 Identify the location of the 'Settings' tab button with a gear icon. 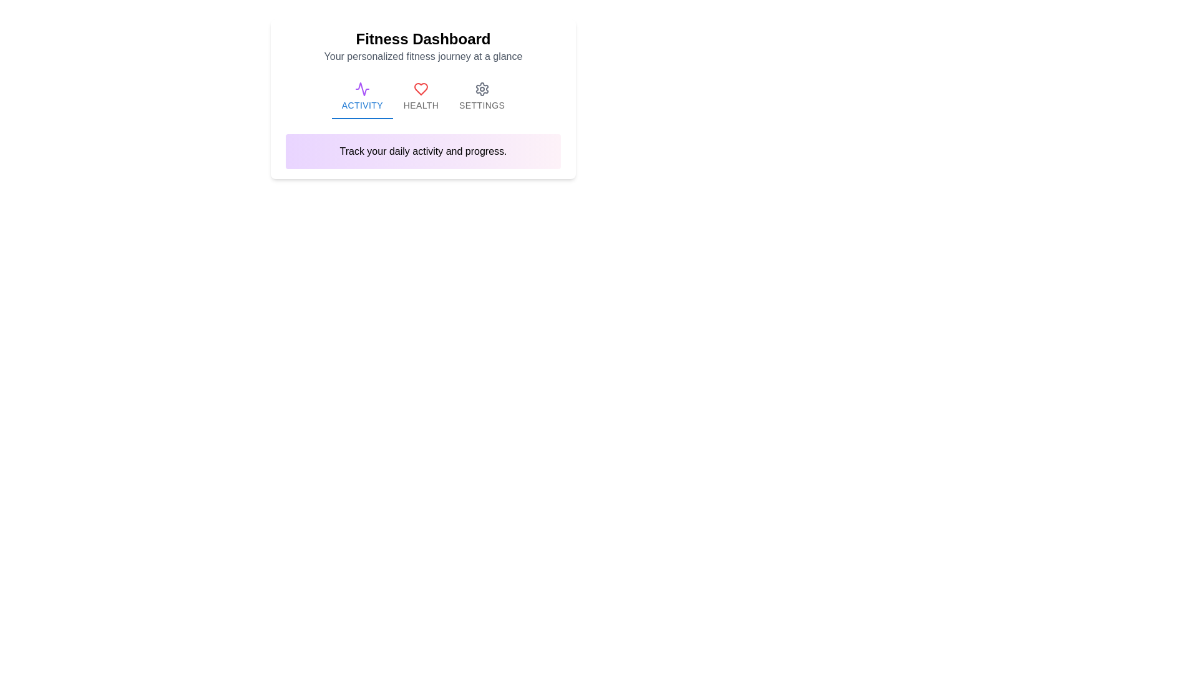
(481, 95).